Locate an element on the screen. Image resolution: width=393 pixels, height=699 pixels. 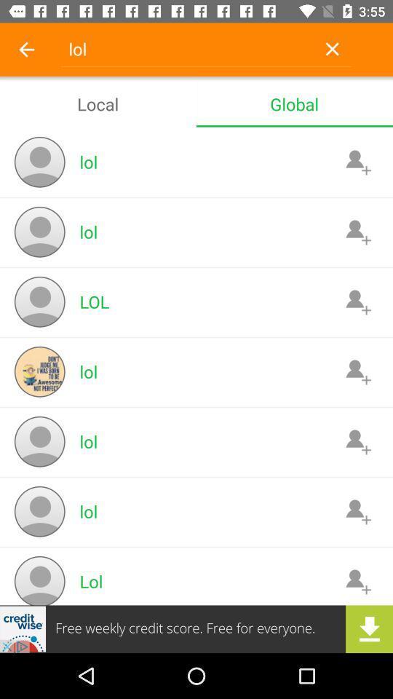
contact is located at coordinates (357, 371).